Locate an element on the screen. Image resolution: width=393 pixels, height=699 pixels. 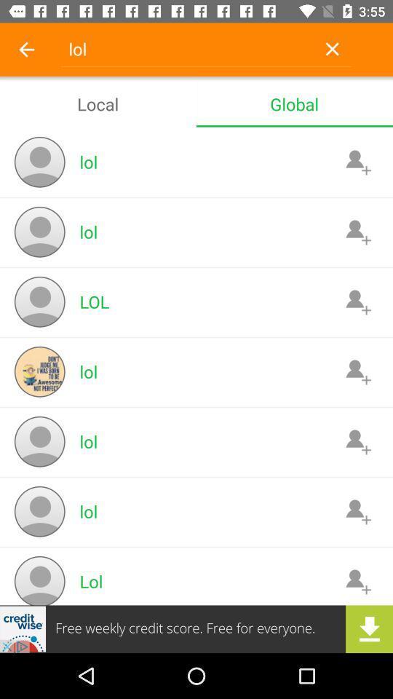
contact is located at coordinates (357, 371).